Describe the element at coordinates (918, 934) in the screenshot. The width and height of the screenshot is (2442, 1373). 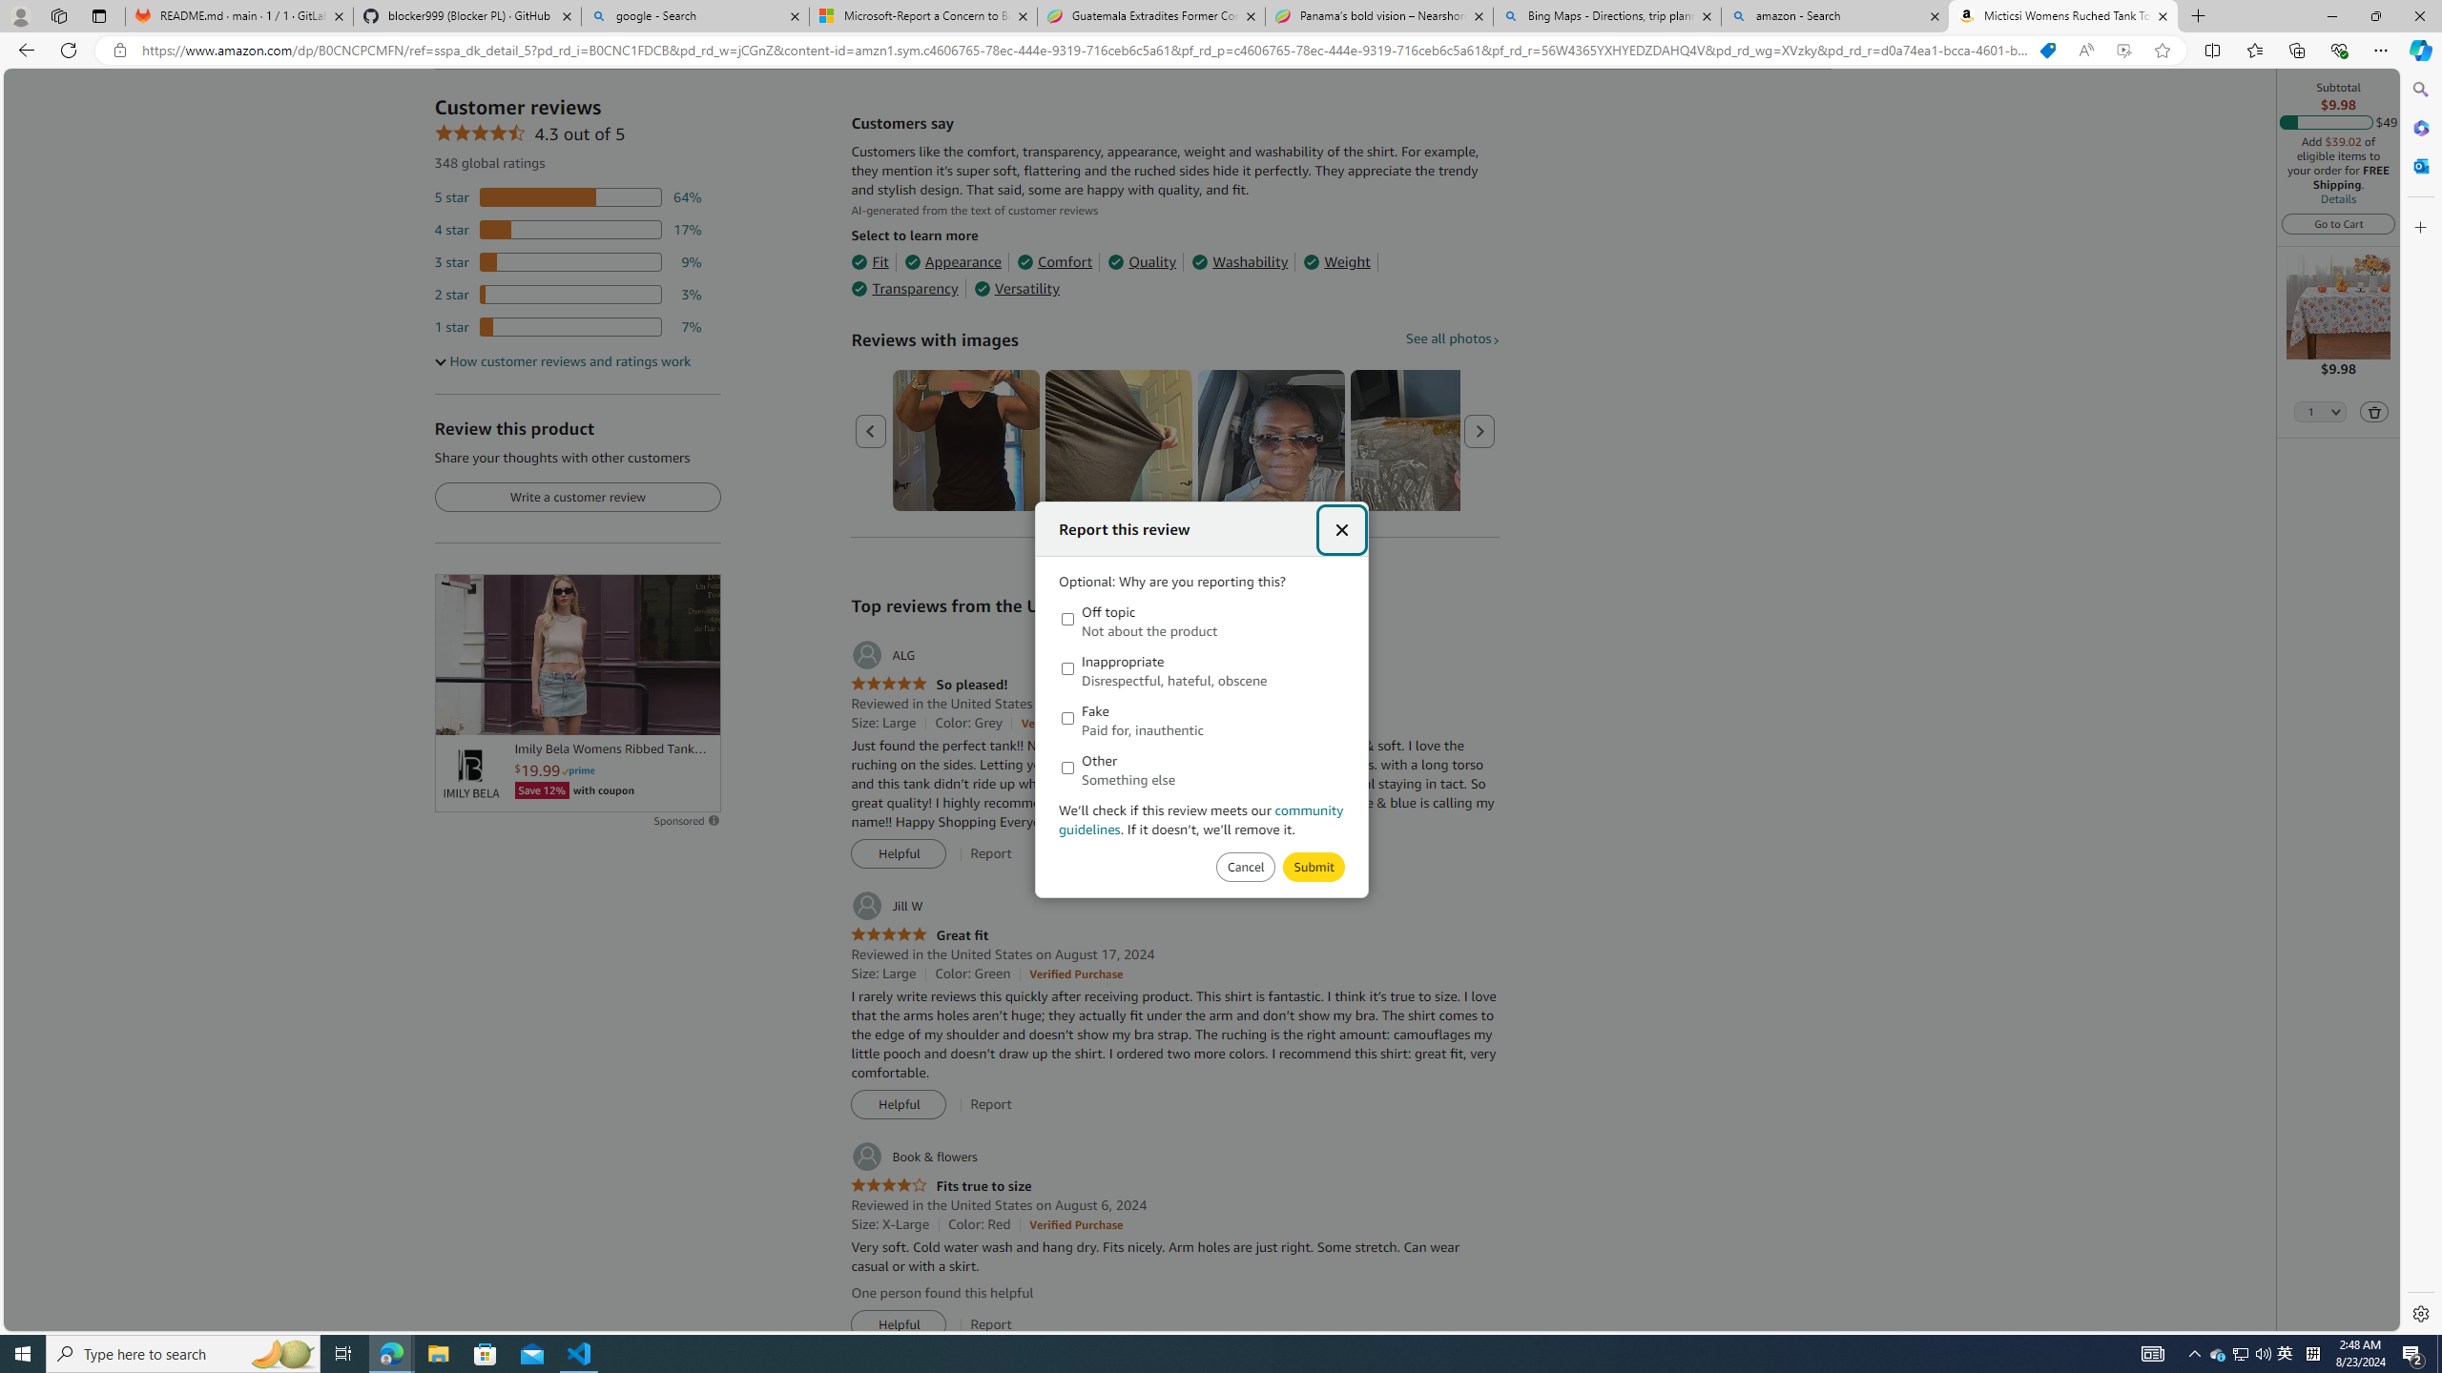
I see `'5.0 out of 5 stars Great fit'` at that location.